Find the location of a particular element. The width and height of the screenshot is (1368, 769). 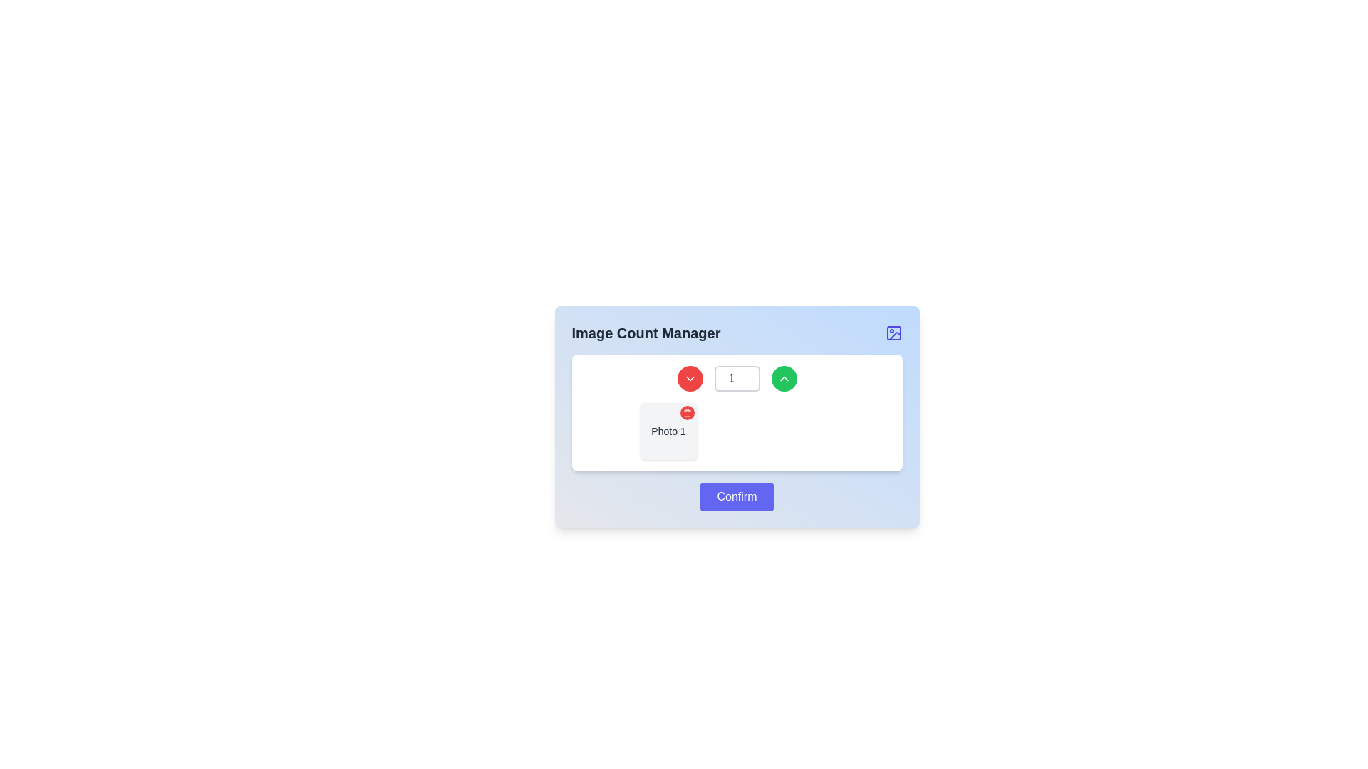

the button labeled 'Image Count Manager' located at the bottom center of the card layout to confirm the action is located at coordinates (737, 496).